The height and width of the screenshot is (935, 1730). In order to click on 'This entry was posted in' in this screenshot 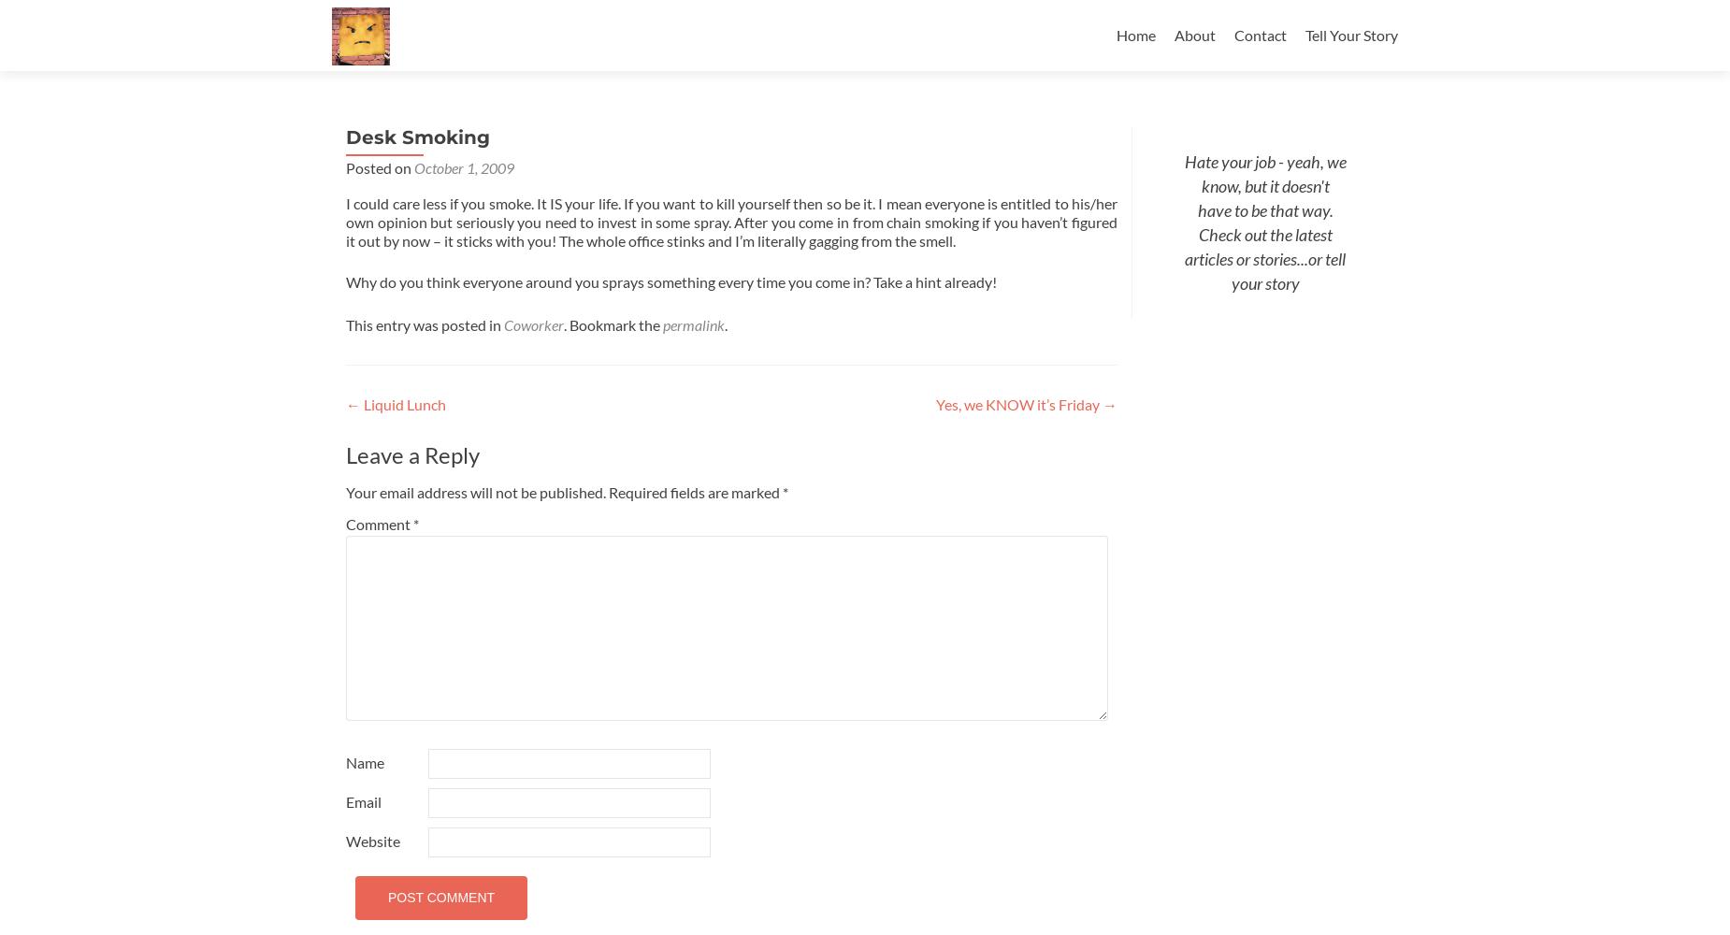, I will do `click(424, 324)`.